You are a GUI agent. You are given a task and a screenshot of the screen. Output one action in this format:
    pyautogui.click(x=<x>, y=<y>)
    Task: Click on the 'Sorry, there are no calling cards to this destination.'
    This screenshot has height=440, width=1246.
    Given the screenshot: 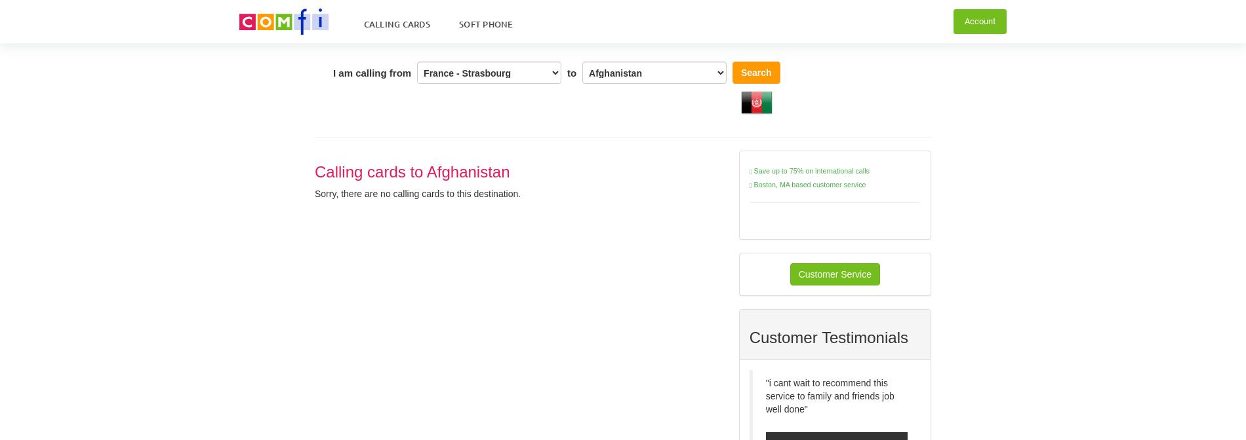 What is the action you would take?
    pyautogui.click(x=418, y=193)
    